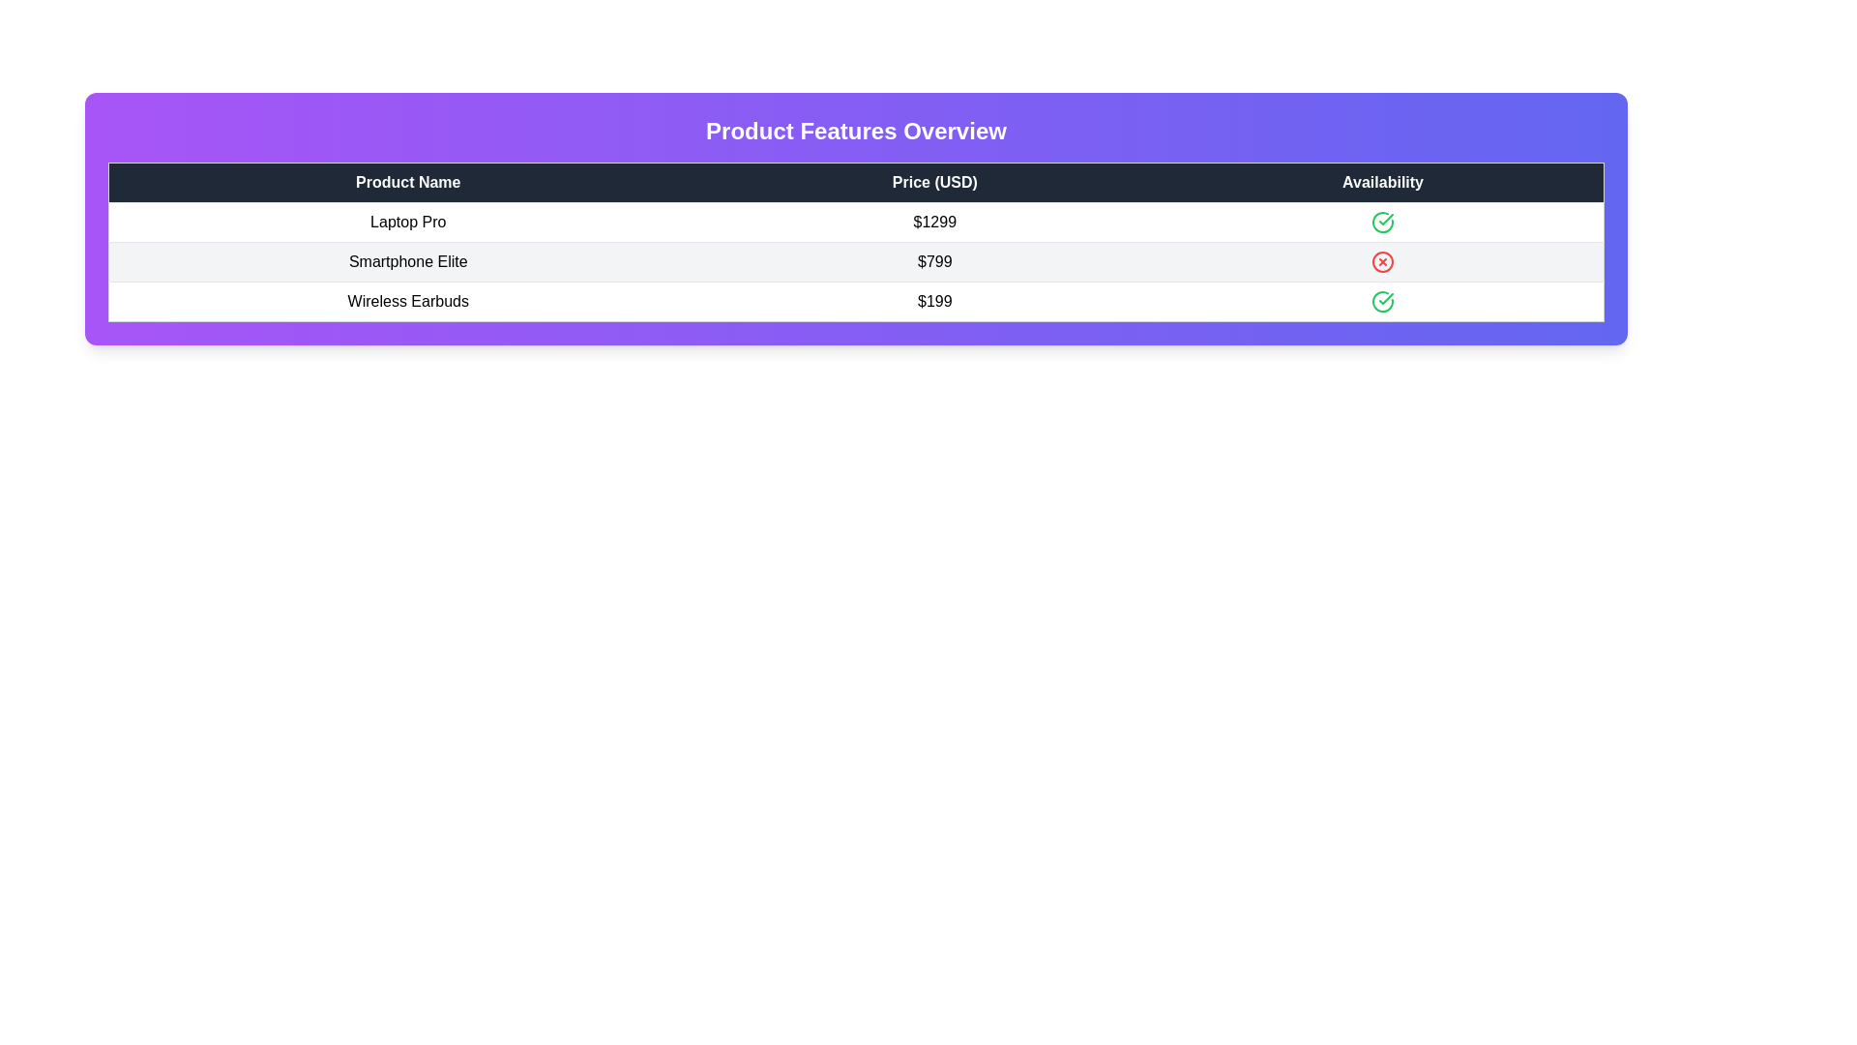 The height and width of the screenshot is (1045, 1857). Describe the element at coordinates (1382, 222) in the screenshot. I see `the availability icon for the product 'Laptop Pro' located in the first row of the table under the 'Availability' column` at that location.